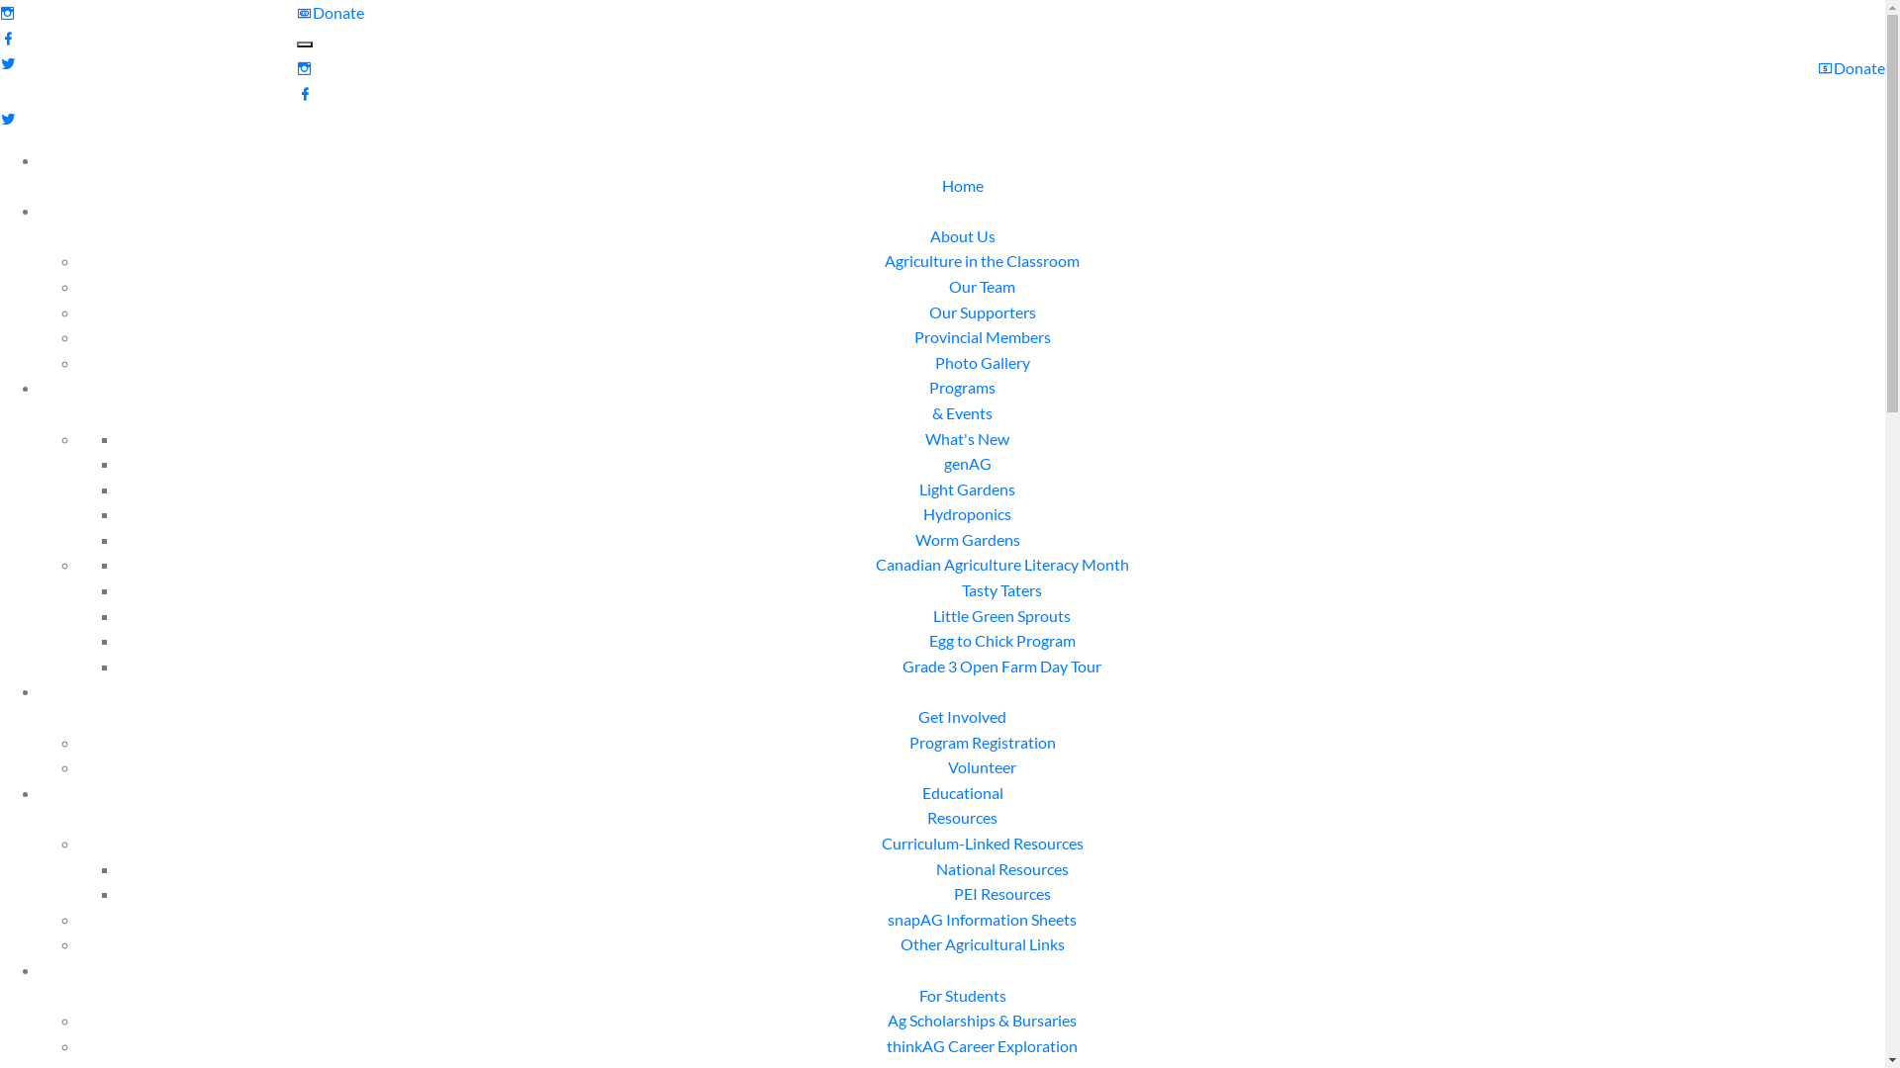  What do you see at coordinates (963, 198) in the screenshot?
I see `'Home'` at bounding box center [963, 198].